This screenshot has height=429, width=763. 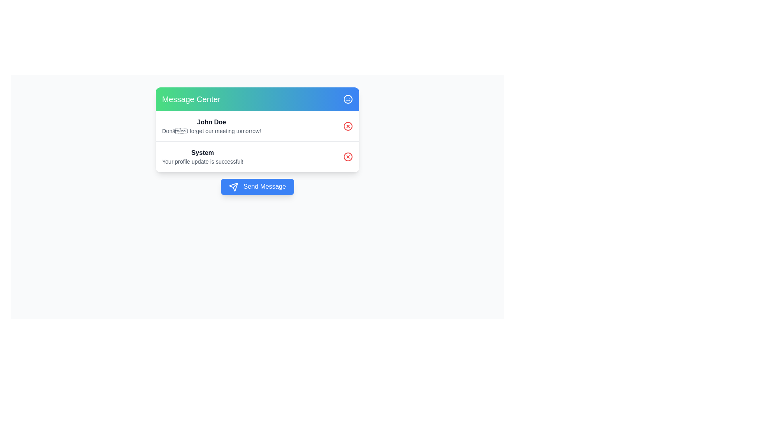 I want to click on the dismiss button icon located on the right side of the row displaying 'John Doe' and the message 'Don’t forget our meeting tomorrow!', so click(x=348, y=126).